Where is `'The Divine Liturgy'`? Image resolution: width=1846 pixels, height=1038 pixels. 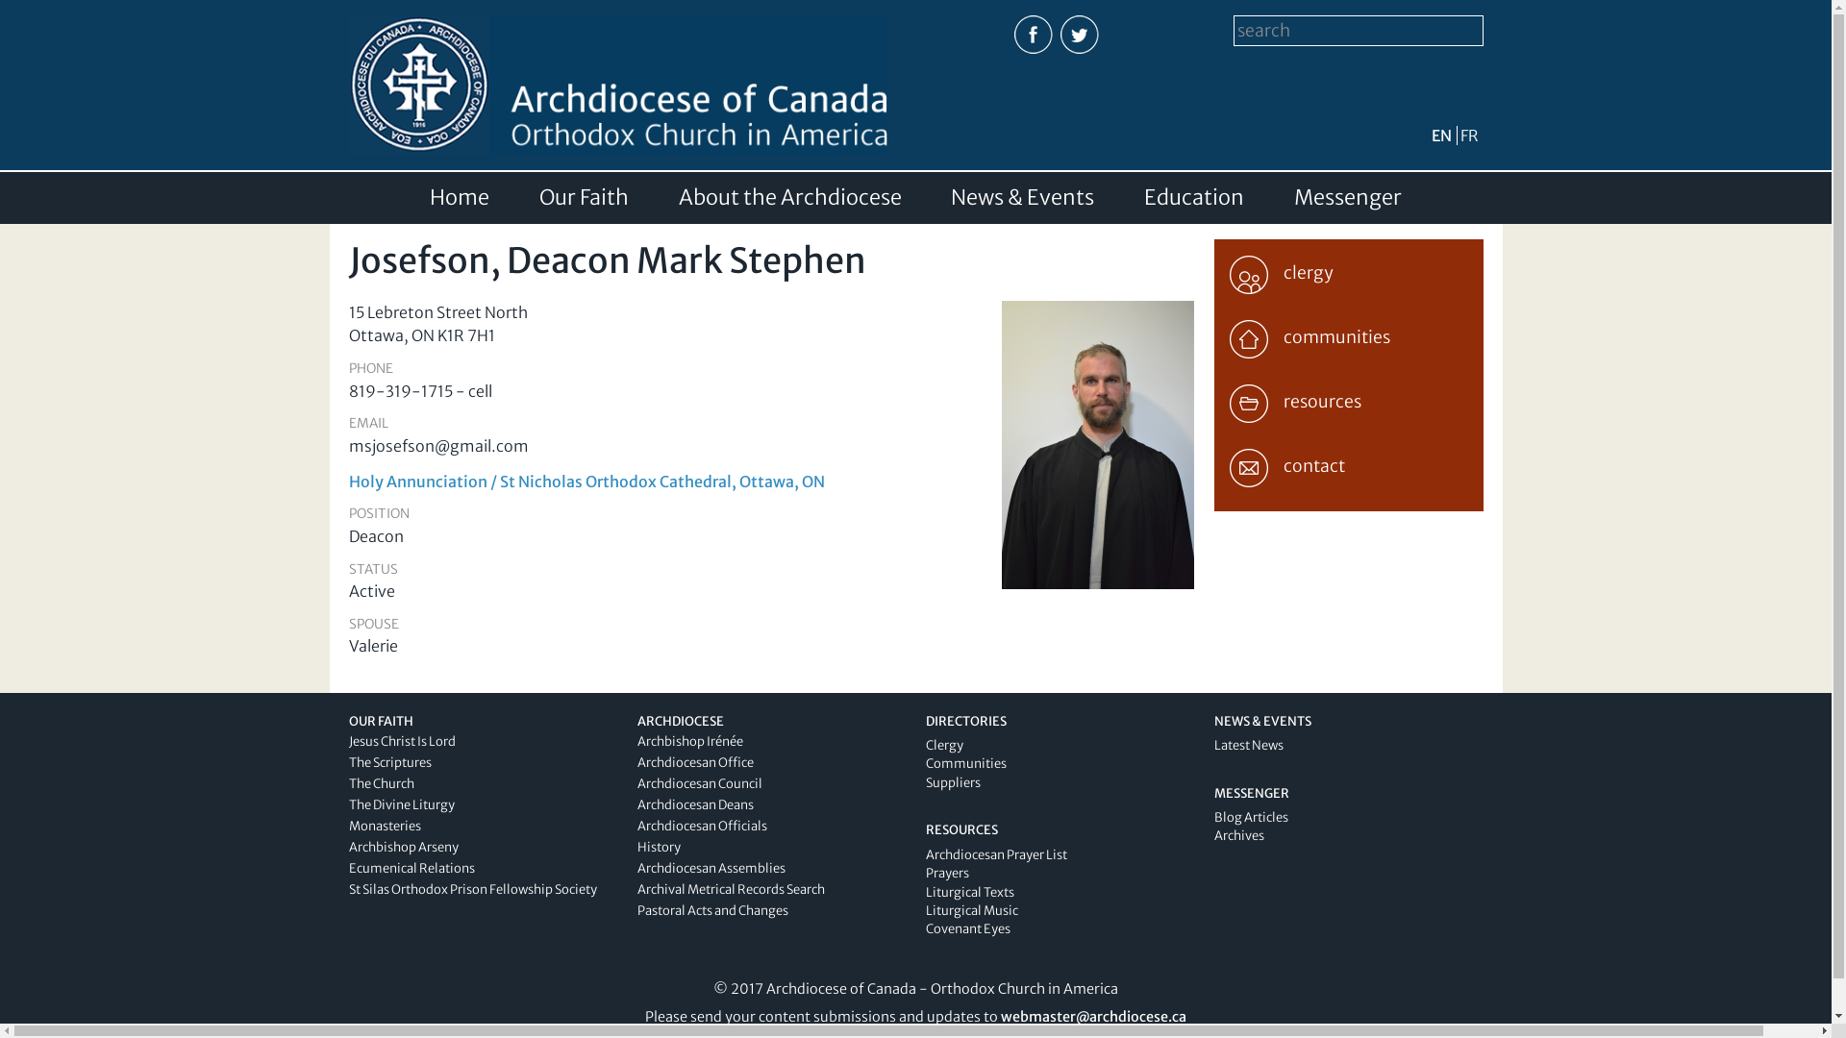
'The Divine Liturgy' is located at coordinates (400, 804).